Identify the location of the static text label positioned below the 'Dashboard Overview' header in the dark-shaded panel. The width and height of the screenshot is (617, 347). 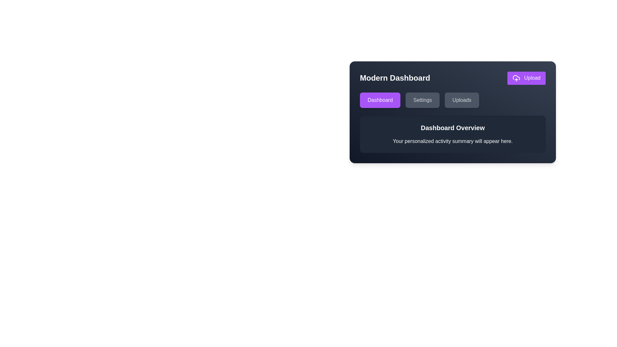
(452, 141).